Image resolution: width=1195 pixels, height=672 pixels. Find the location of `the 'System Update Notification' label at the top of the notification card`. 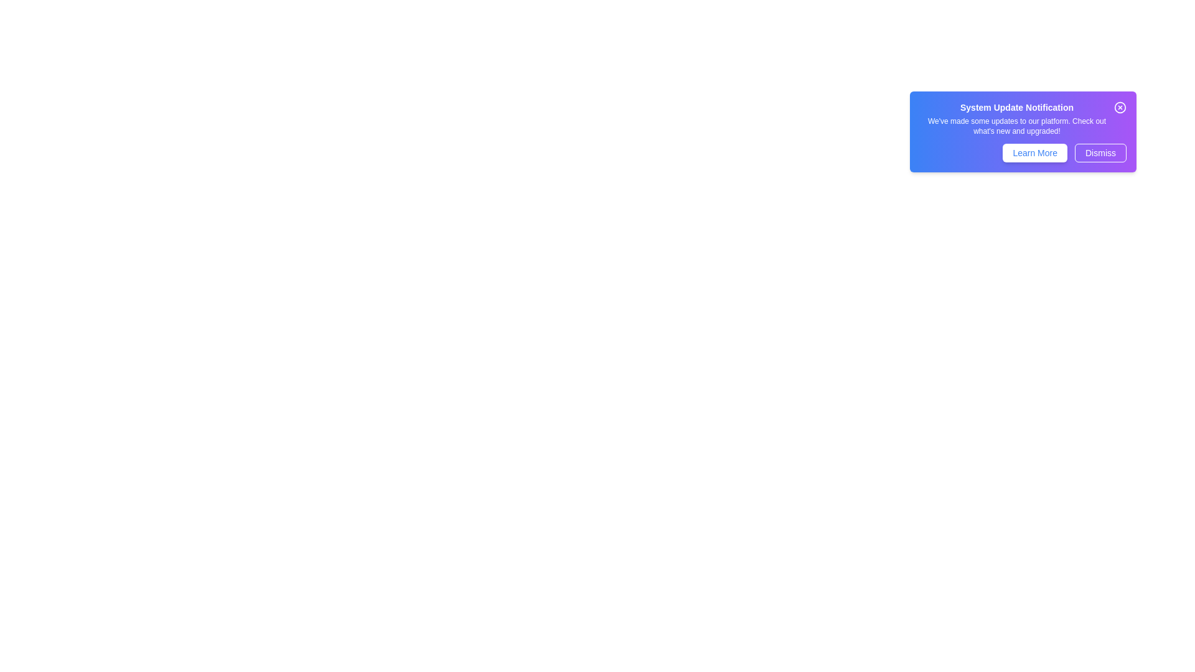

the 'System Update Notification' label at the top of the notification card is located at coordinates (1016, 107).